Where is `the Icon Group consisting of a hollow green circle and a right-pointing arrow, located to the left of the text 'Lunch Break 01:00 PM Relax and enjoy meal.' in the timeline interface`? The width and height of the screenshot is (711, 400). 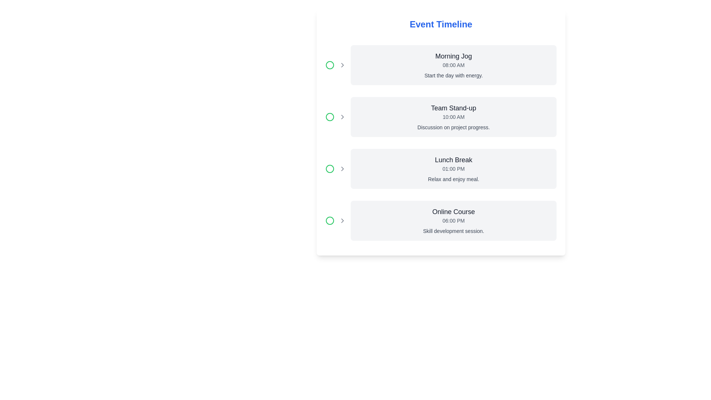 the Icon Group consisting of a hollow green circle and a right-pointing arrow, located to the left of the text 'Lunch Break 01:00 PM Relax and enjoy meal.' in the timeline interface is located at coordinates (337, 169).